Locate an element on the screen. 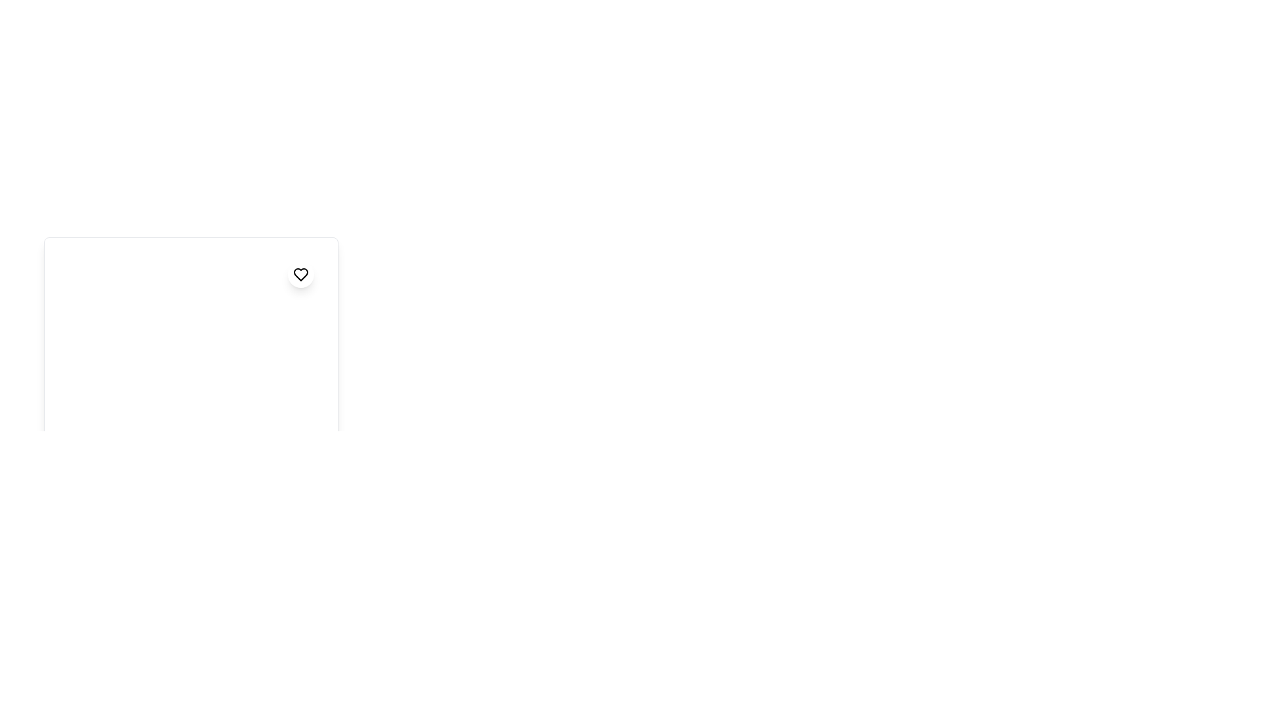 The image size is (1262, 710). the first SVG Circle element, which is outlined with a stroke and has no additional features is located at coordinates (281, 492).